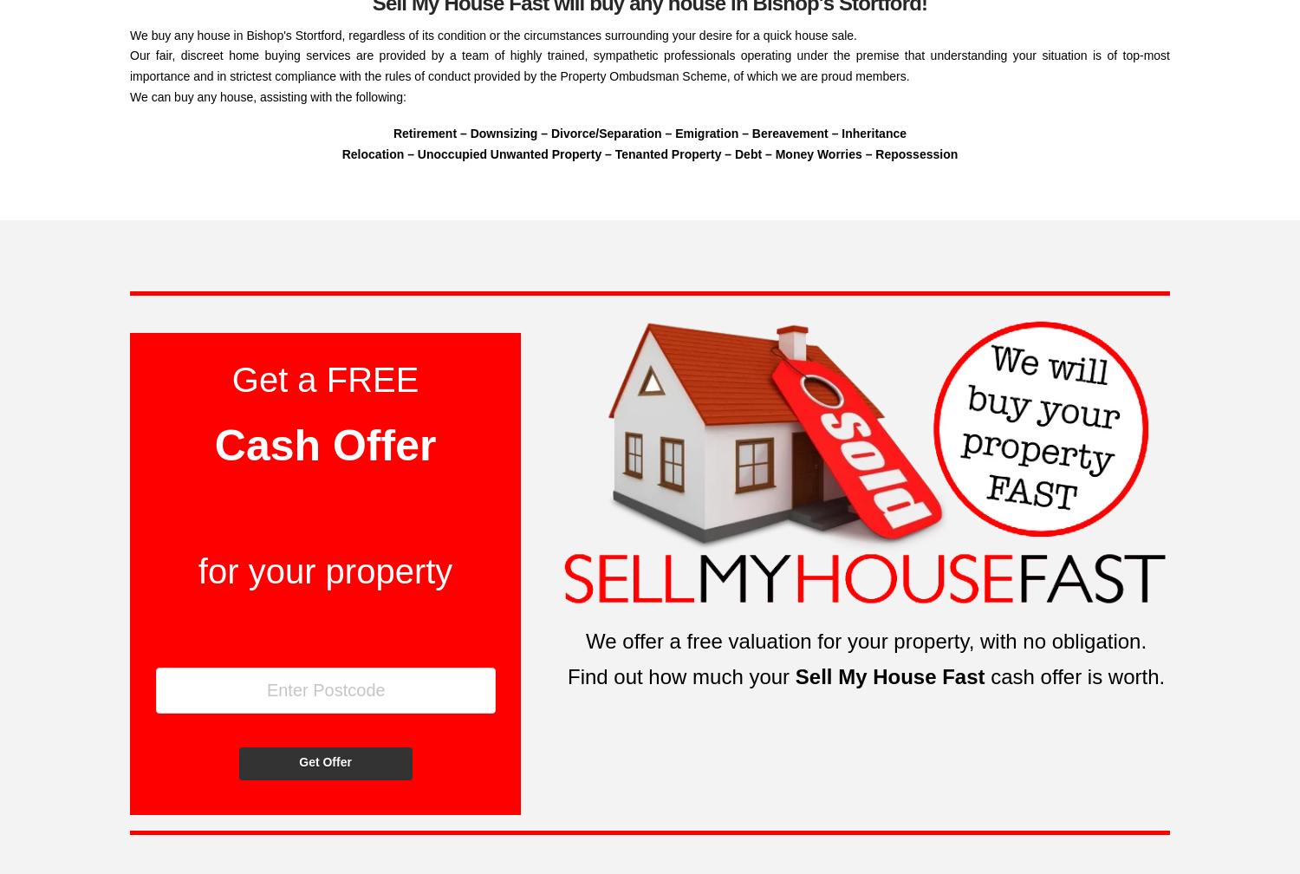  Describe the element at coordinates (648, 134) in the screenshot. I see `'Retirement – Downsizing – Divorce/Separation – Emigration – Bereavement – Inheritance'` at that location.